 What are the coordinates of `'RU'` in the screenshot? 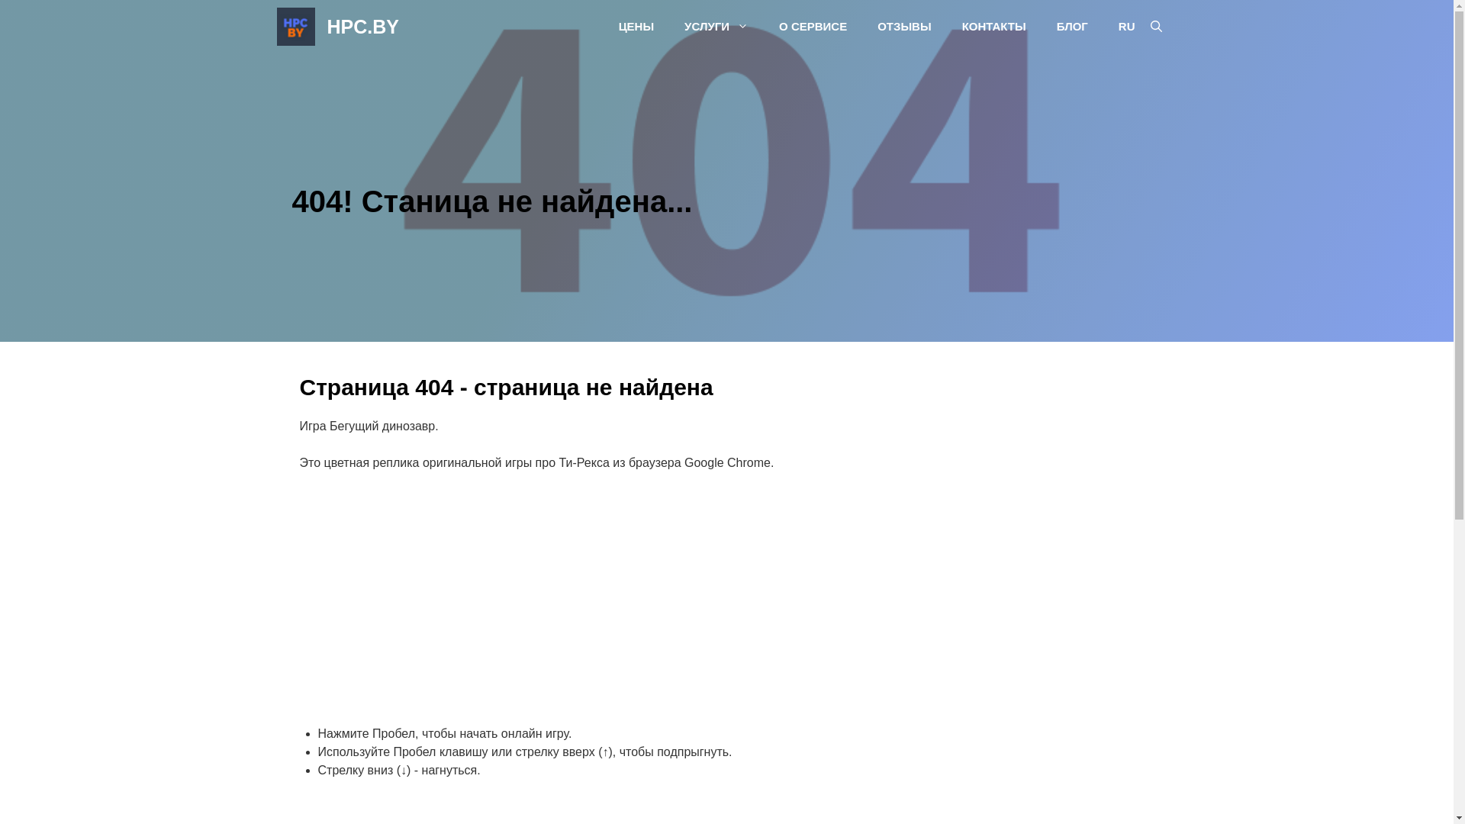 It's located at (1119, 26).